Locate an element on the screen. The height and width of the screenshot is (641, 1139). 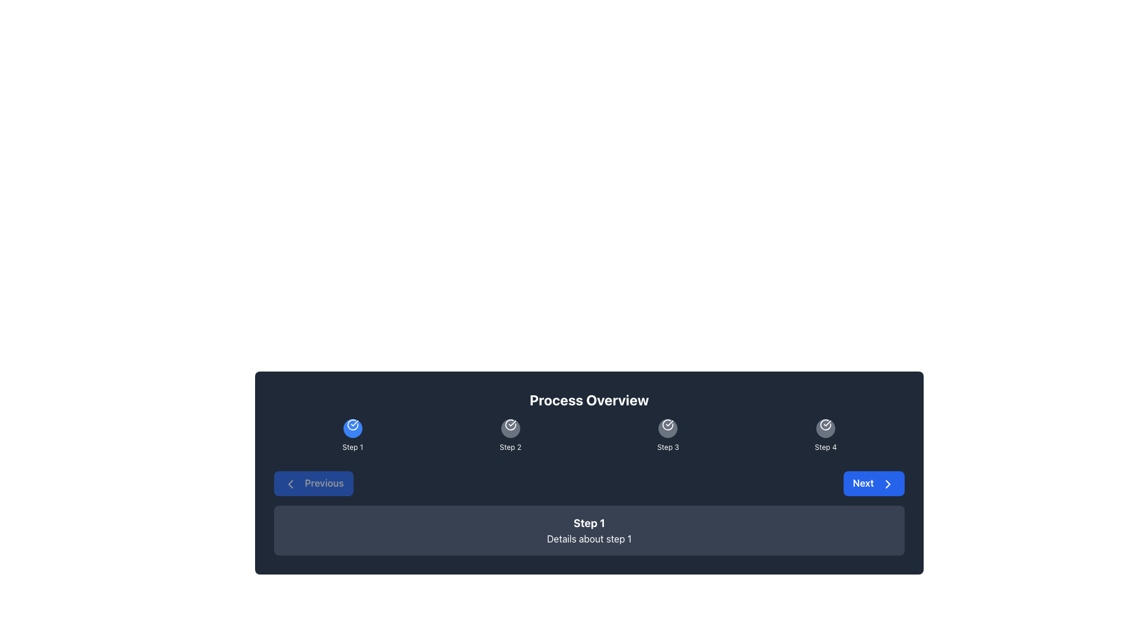
text content of the Text Label that indicates the third step in the 'Process Overview' navigation bar is located at coordinates (668, 447).